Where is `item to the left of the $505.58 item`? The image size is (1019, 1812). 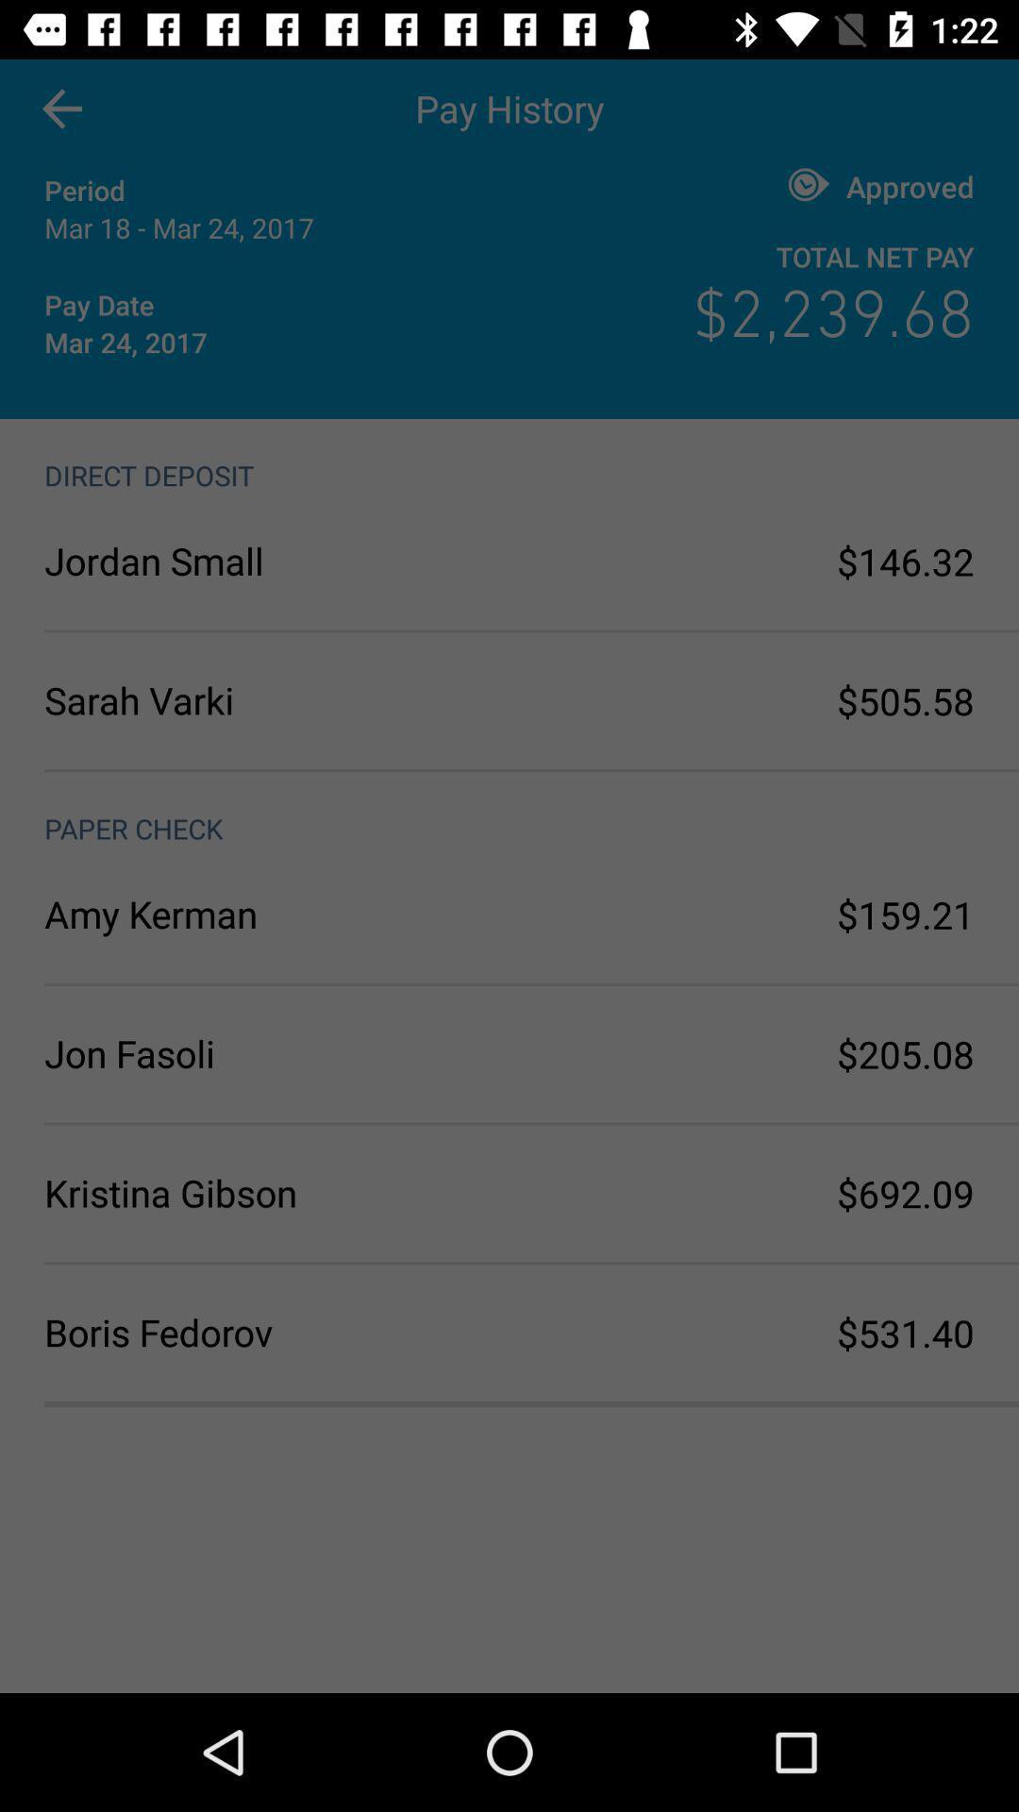 item to the left of the $505.58 item is located at coordinates (276, 699).